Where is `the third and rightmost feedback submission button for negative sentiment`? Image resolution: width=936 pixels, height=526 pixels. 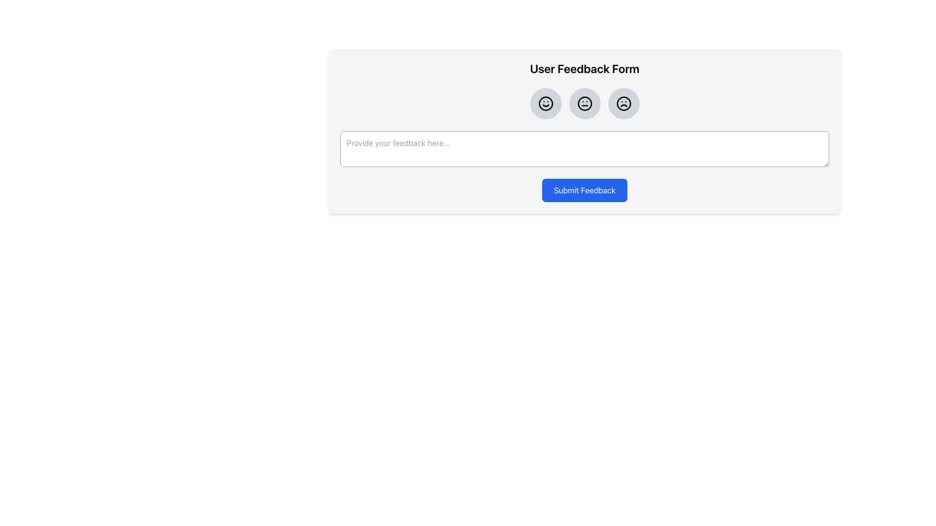 the third and rightmost feedback submission button for negative sentiment is located at coordinates (623, 103).